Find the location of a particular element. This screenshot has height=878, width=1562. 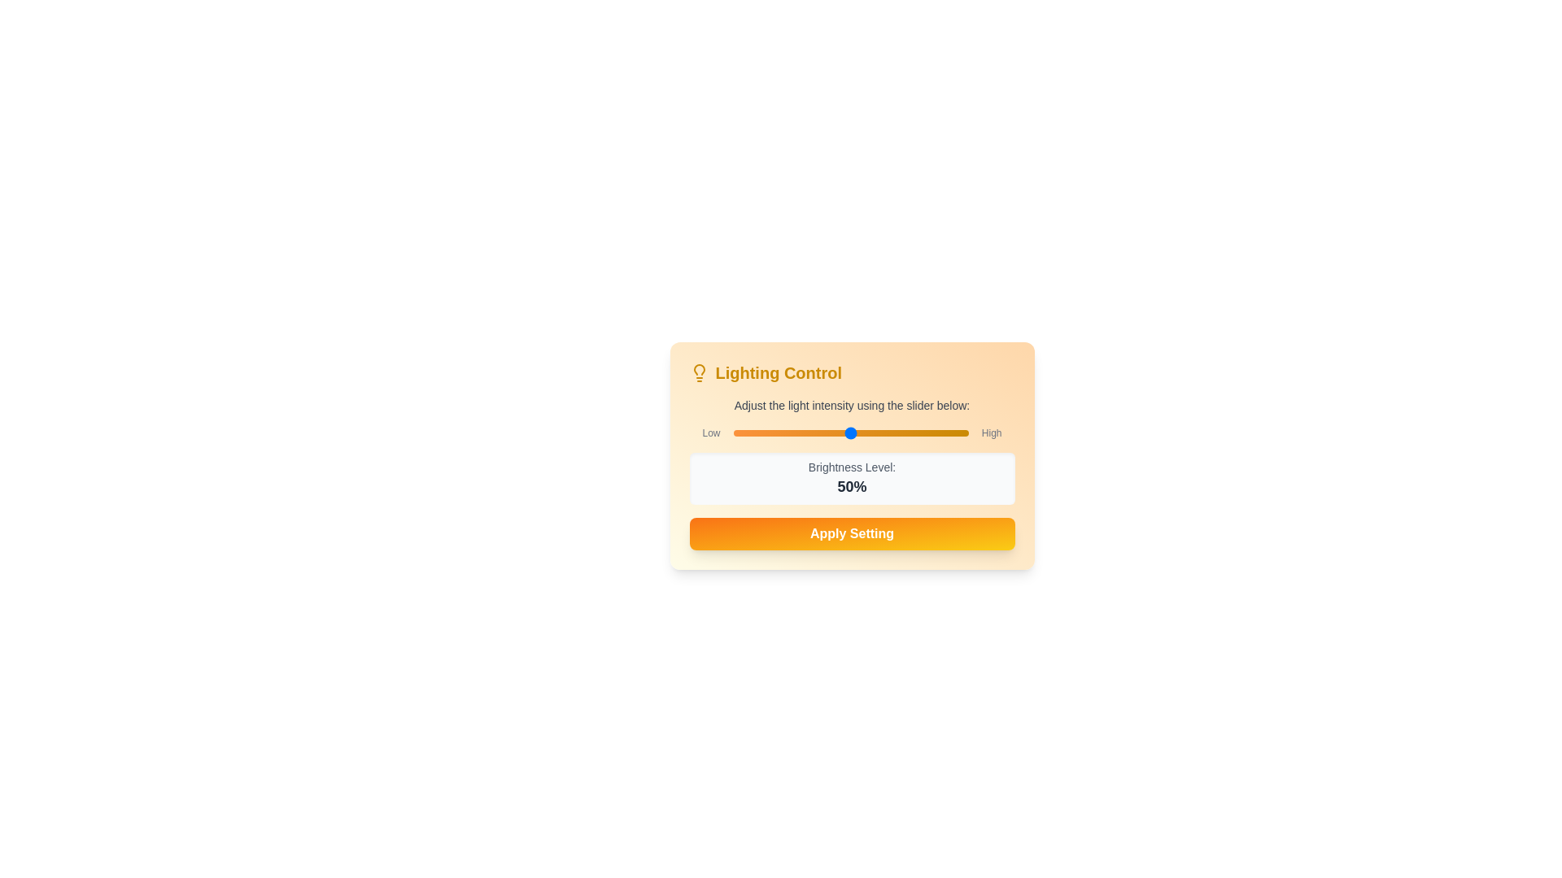

brightness is located at coordinates (735, 432).